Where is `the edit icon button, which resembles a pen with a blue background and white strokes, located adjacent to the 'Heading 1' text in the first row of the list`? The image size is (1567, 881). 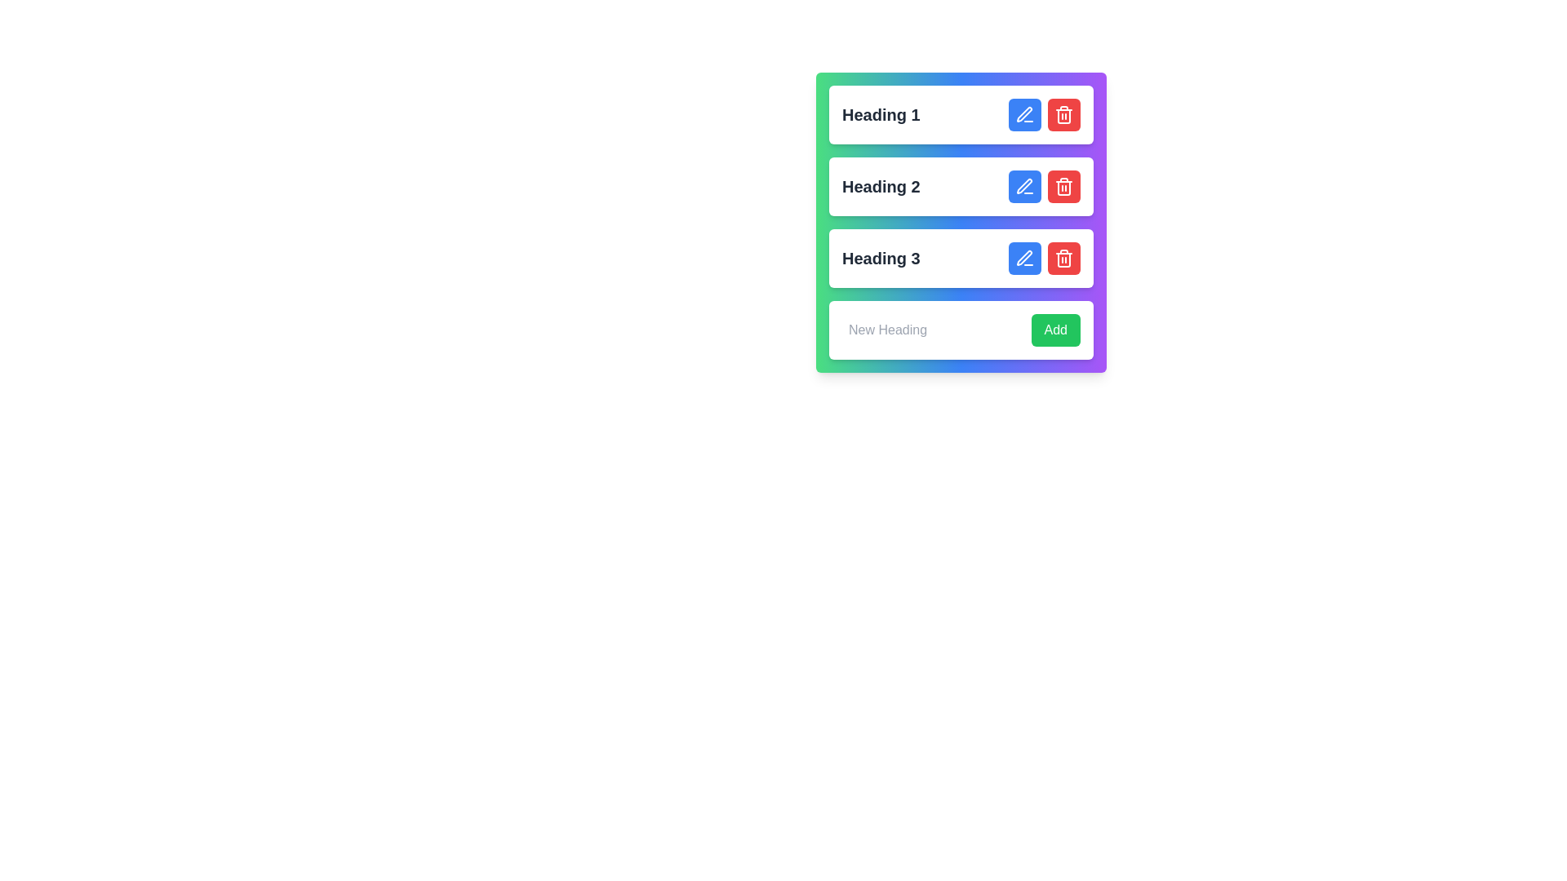
the edit icon button, which resembles a pen with a blue background and white strokes, located adjacent to the 'Heading 1' text in the first row of the list is located at coordinates (1024, 114).